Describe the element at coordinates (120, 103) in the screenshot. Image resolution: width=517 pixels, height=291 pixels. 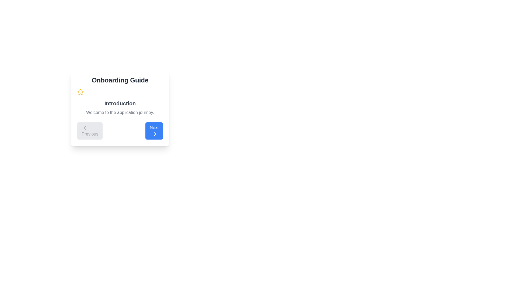
I see `the text label reading 'Introduction', which is styled with a bold font and dark gray color, positioned at the upper section of a card layout` at that location.